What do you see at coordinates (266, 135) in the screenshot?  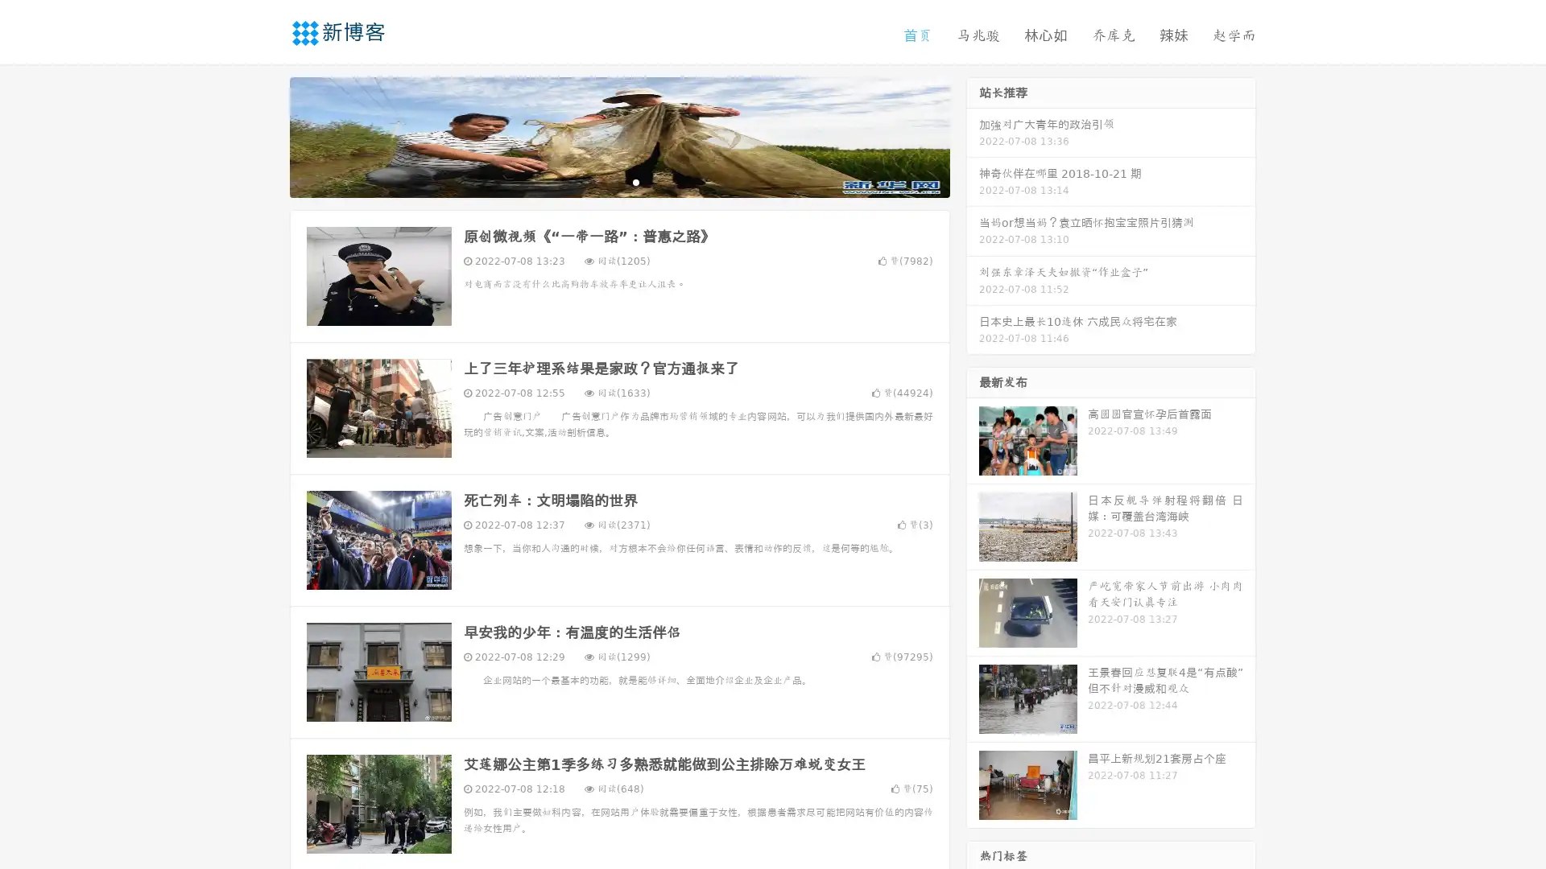 I see `Previous slide` at bounding box center [266, 135].